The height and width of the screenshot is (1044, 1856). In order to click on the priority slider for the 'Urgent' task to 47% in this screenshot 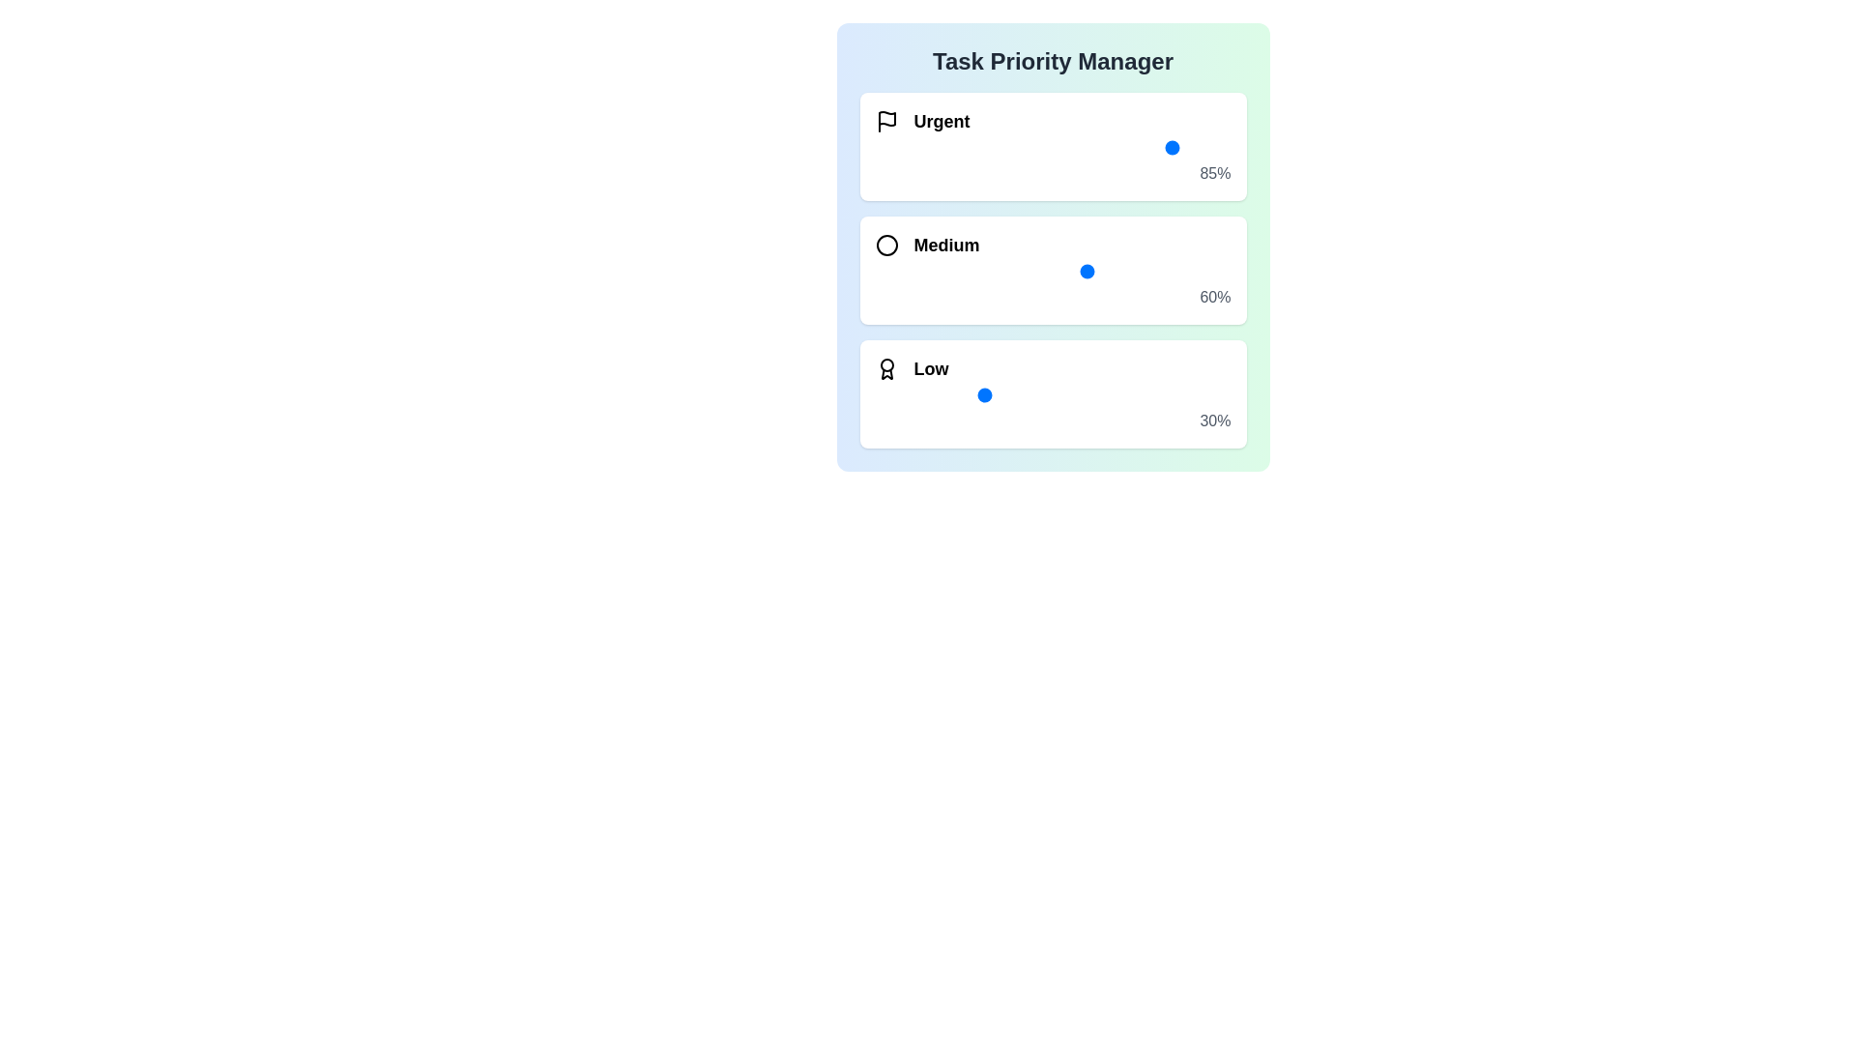, I will do `click(1041, 147)`.